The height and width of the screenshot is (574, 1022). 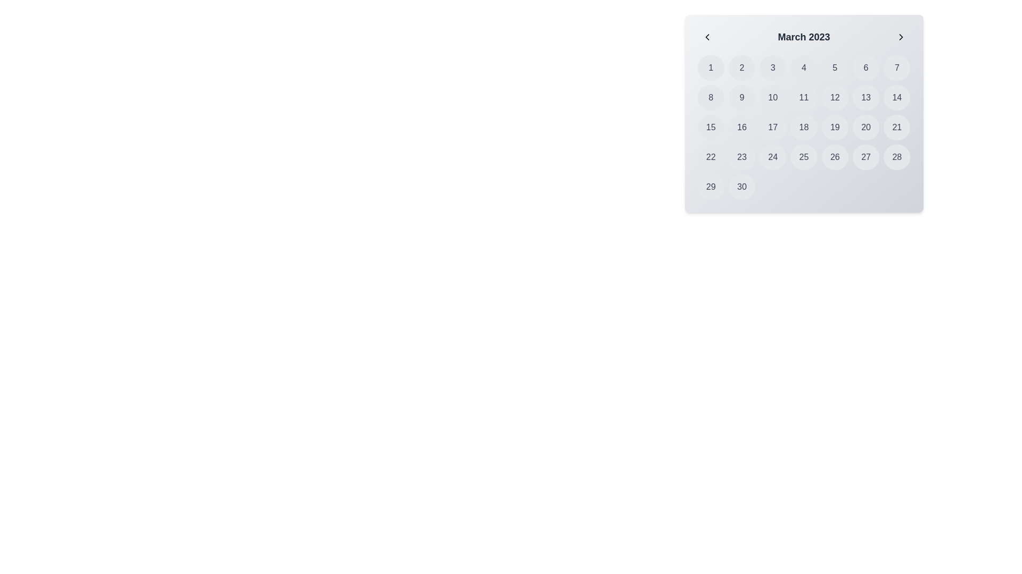 I want to click on the selectable day button in the calendar for March 2023, which is located in the first row and fourth column of the grid, so click(x=804, y=67).